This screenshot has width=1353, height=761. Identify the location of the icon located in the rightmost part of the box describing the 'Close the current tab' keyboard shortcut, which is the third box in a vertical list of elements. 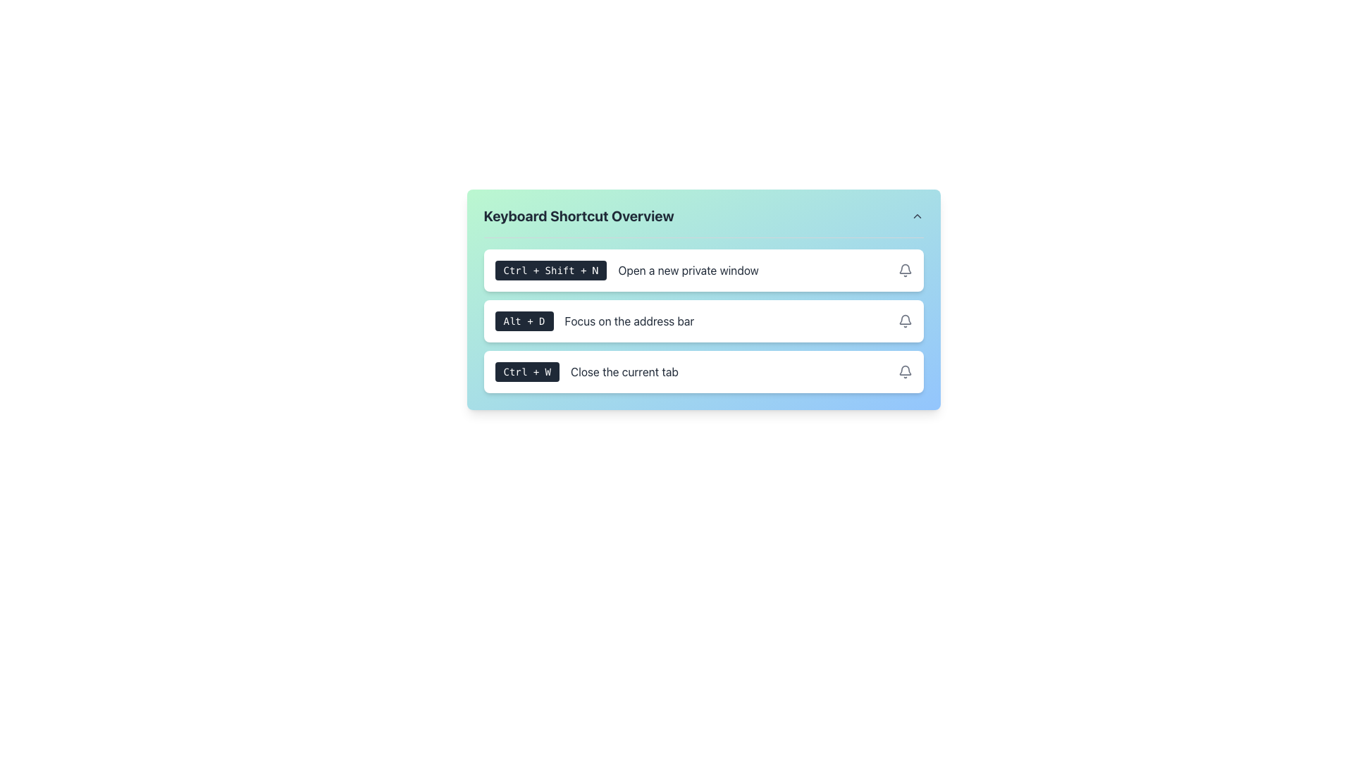
(905, 371).